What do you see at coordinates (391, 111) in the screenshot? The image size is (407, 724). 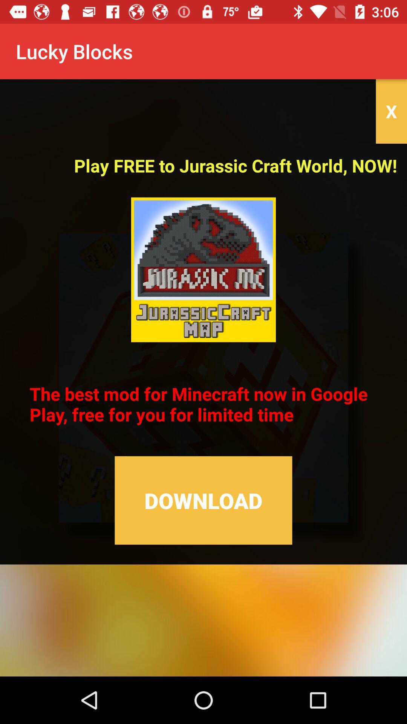 I see `icon above the play free to item` at bounding box center [391, 111].